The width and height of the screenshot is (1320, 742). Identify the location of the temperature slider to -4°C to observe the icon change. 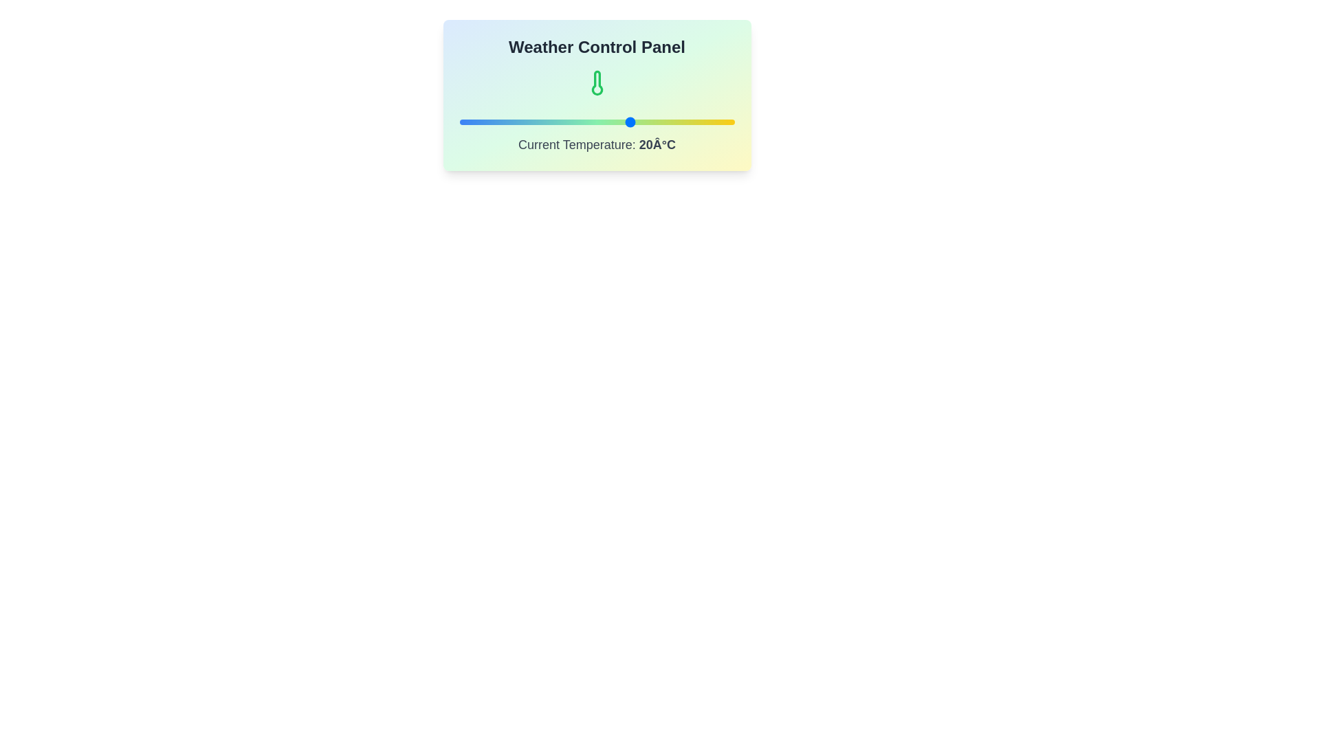
(548, 121).